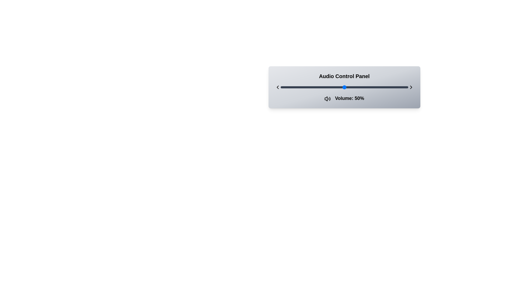  Describe the element at coordinates (302, 87) in the screenshot. I see `the slider` at that location.